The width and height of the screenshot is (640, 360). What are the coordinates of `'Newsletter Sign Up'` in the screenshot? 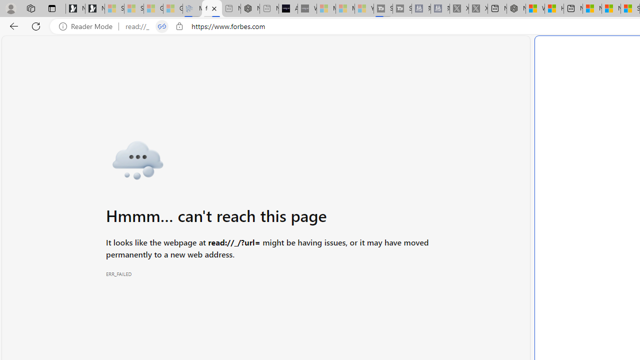 It's located at (95, 8).